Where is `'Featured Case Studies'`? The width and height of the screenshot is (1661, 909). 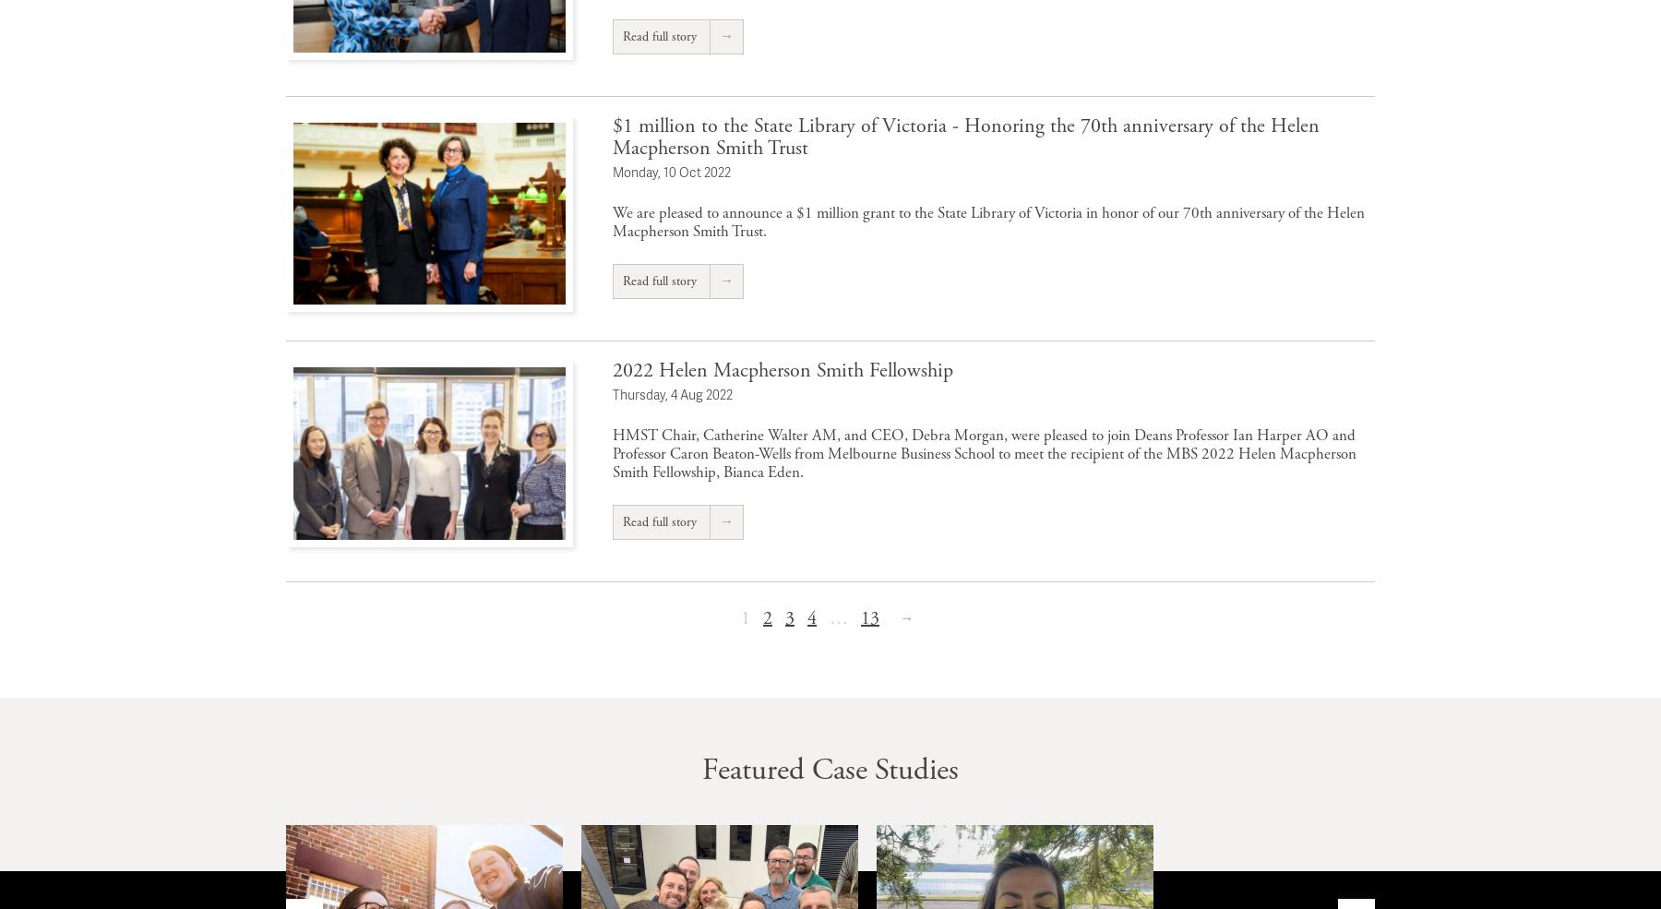 'Featured Case Studies' is located at coordinates (830, 768).